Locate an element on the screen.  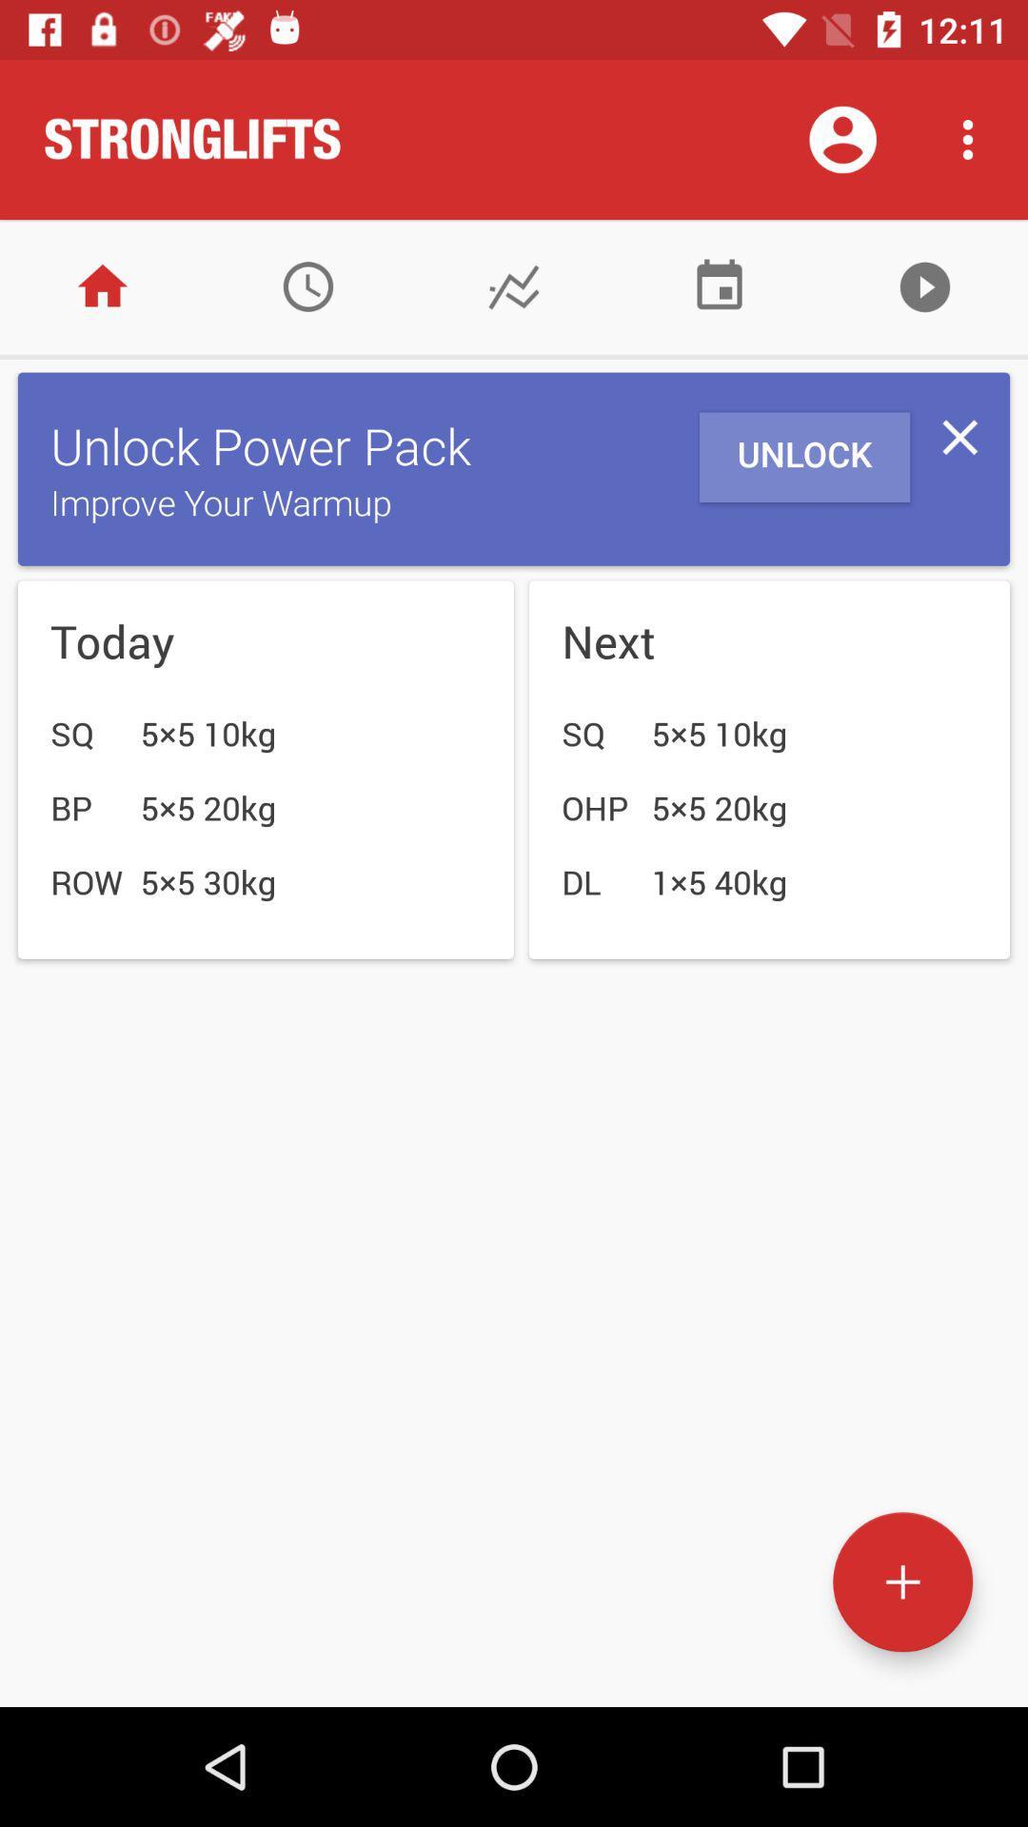
work out is located at coordinates (901, 1581).